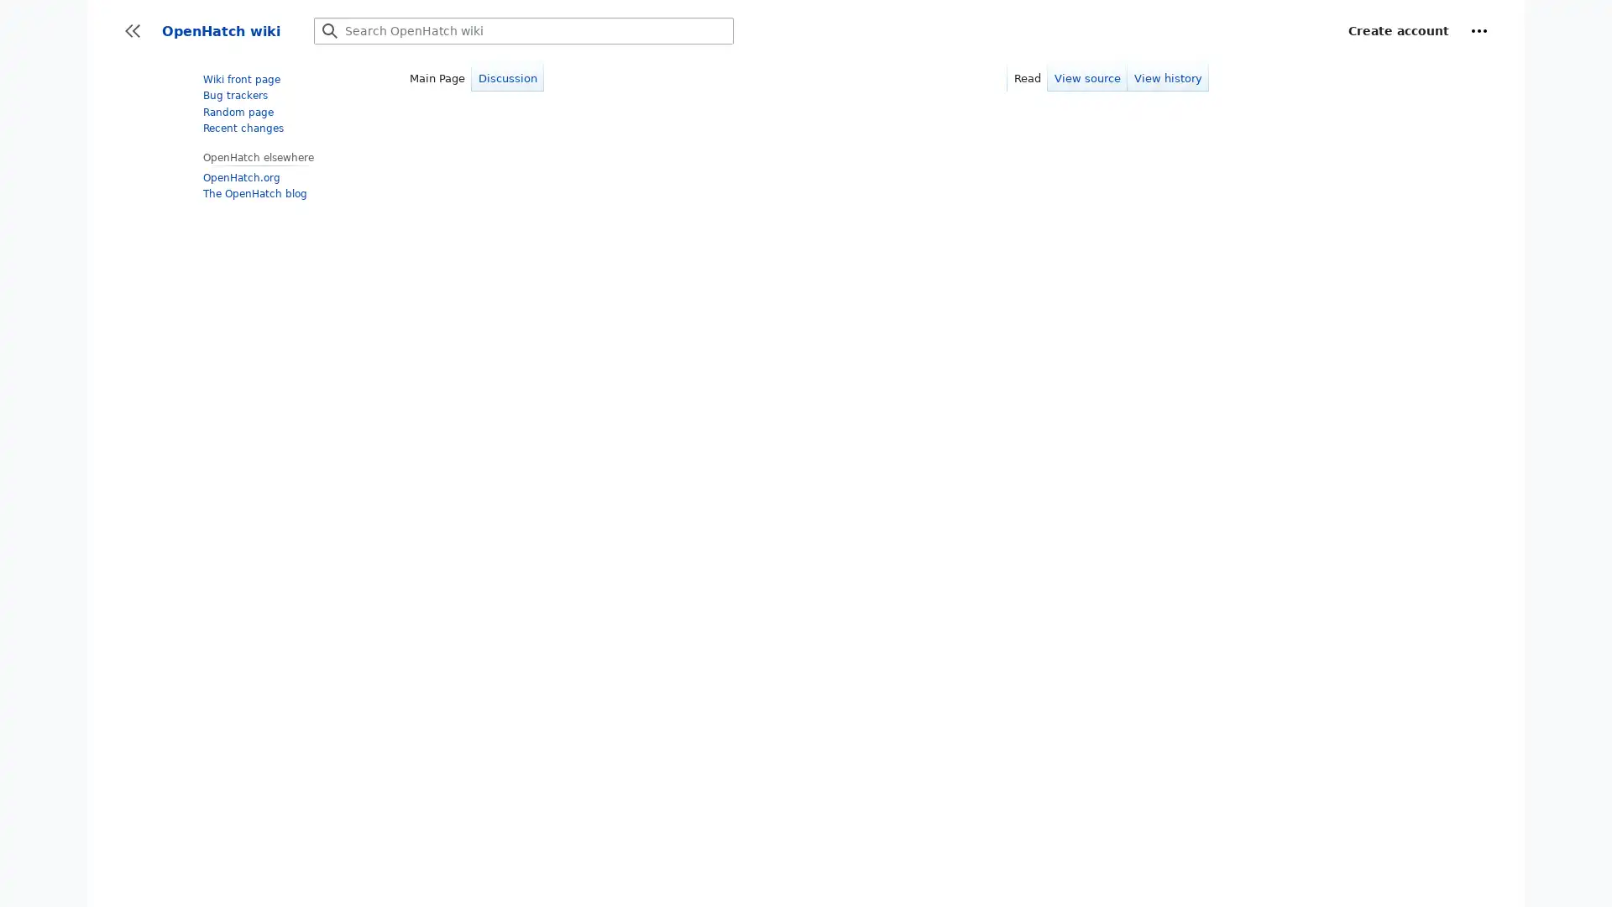 Image resolution: width=1612 pixels, height=907 pixels. What do you see at coordinates (1108, 885) in the screenshot?
I see `More information` at bounding box center [1108, 885].